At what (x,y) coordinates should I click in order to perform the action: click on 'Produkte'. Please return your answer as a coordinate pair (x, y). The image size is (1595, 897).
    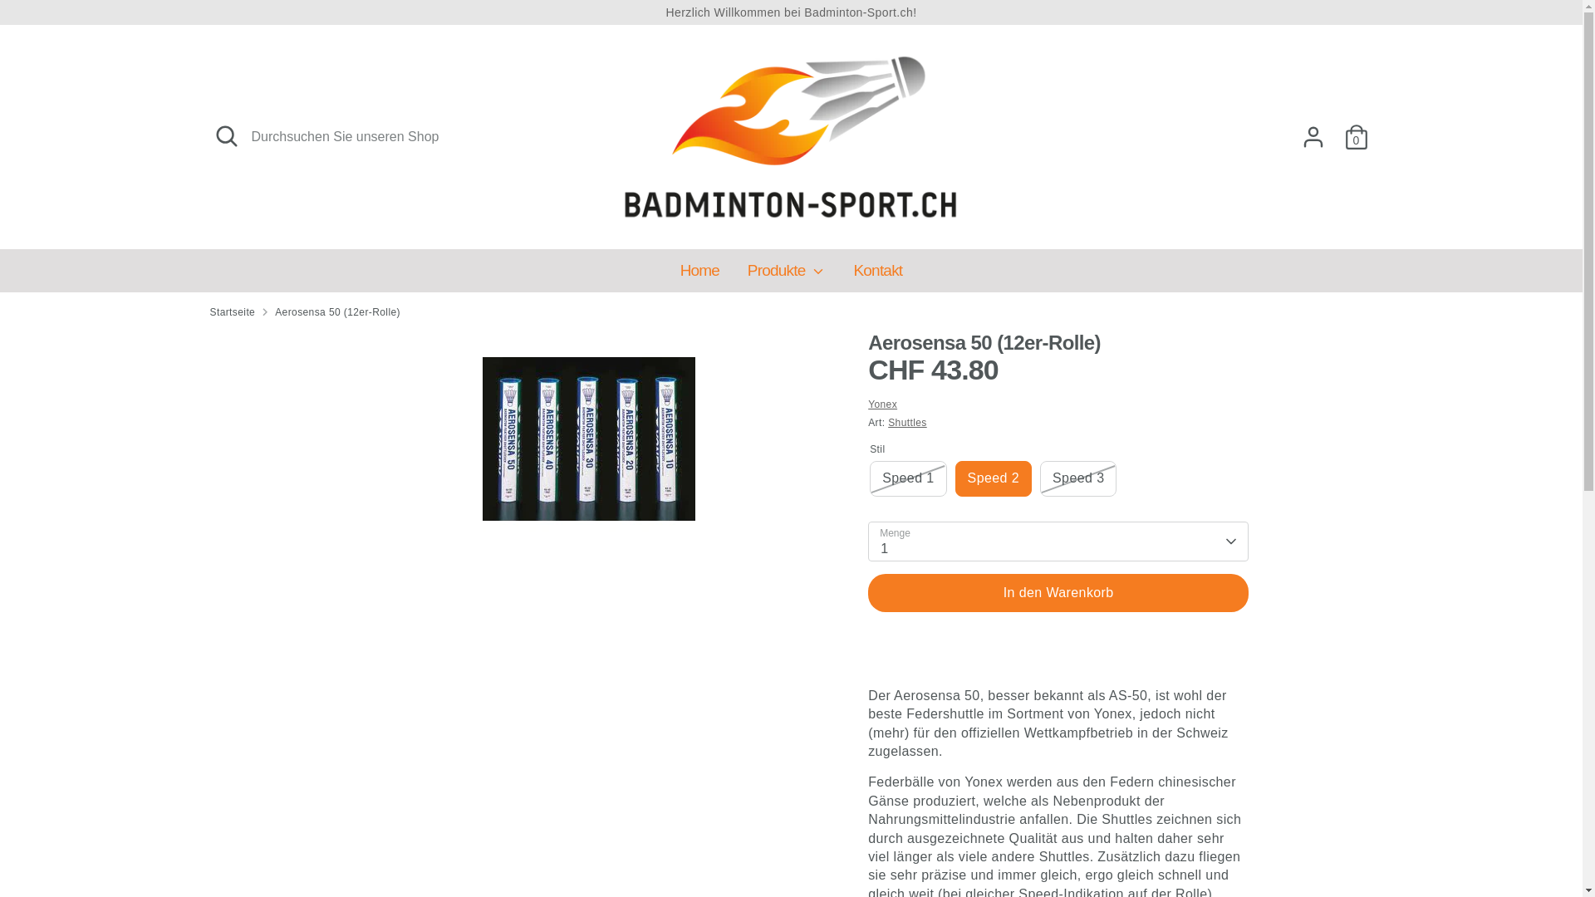
    Looking at the image, I should click on (785, 275).